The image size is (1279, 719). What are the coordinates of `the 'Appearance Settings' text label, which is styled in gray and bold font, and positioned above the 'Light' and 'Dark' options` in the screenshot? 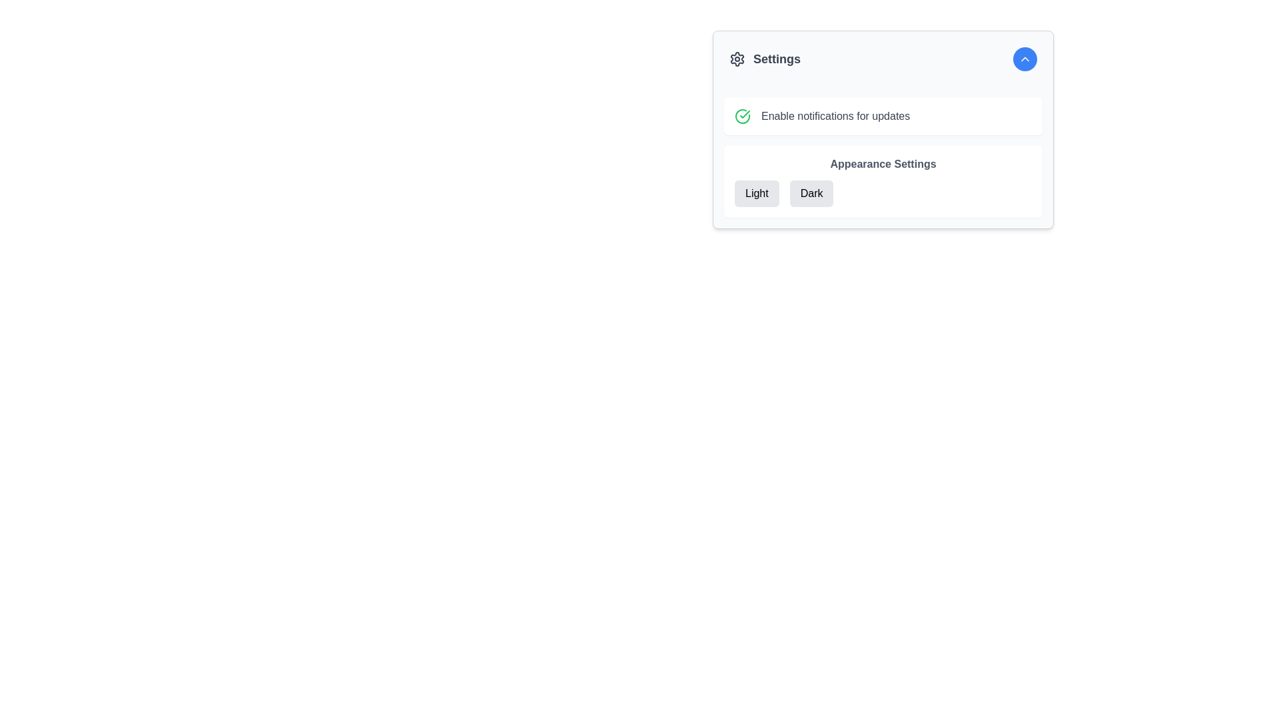 It's located at (883, 163).